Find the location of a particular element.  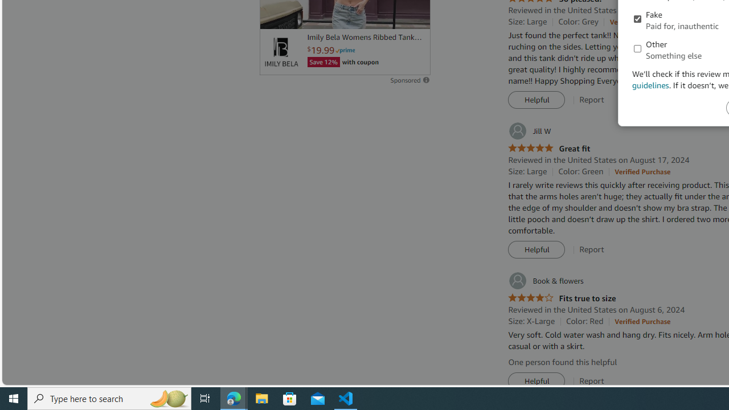

'Report' is located at coordinates (592, 381).